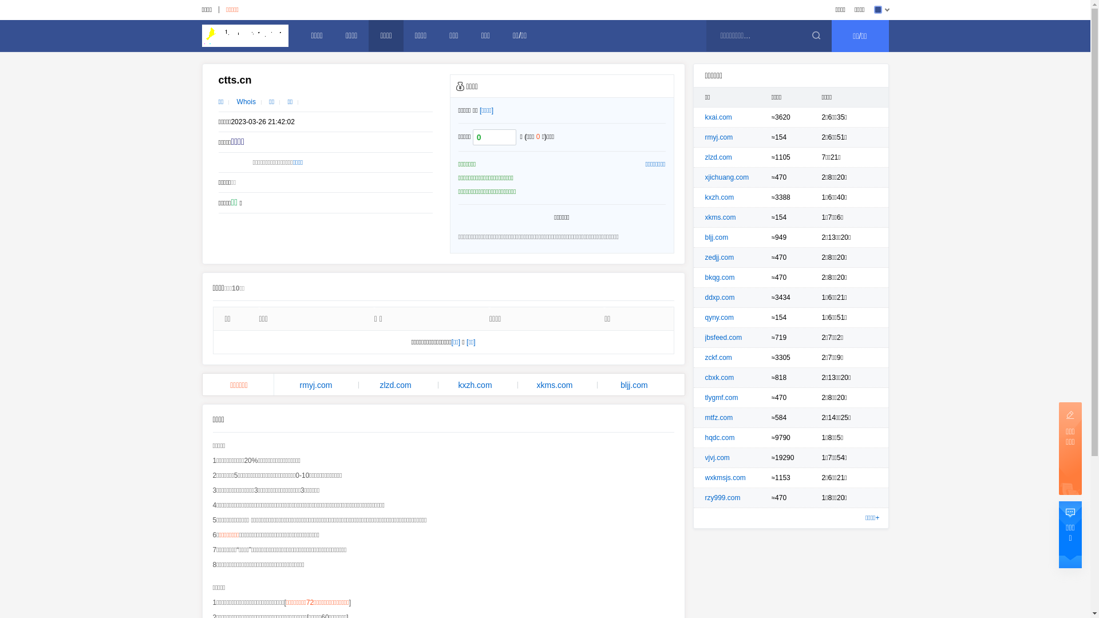  Describe the element at coordinates (705, 297) in the screenshot. I see `'ddxp.com'` at that location.